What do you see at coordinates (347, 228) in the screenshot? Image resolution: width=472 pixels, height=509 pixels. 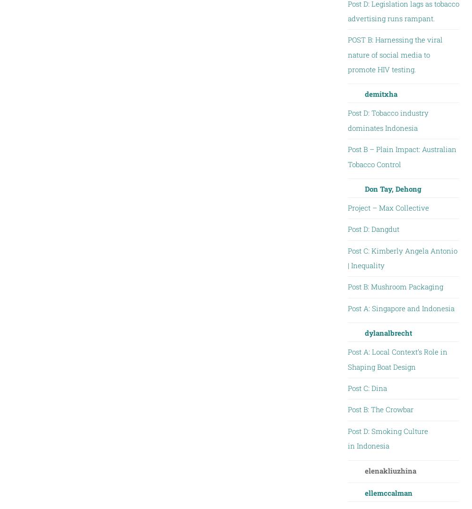 I see `'Post D: Dangdut'` at bounding box center [347, 228].